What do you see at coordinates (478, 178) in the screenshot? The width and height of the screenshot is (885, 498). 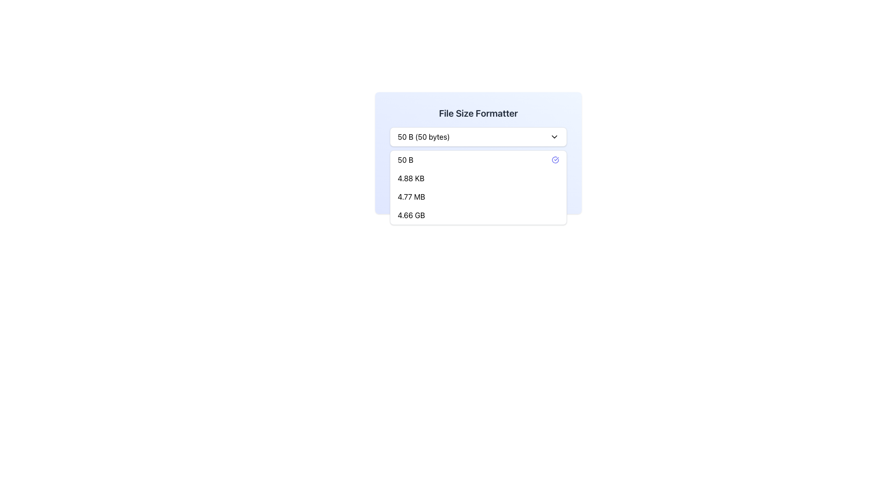 I see `to select the dropdown item displaying '4.88 KB' in the file size formatter dropdown menu` at bounding box center [478, 178].